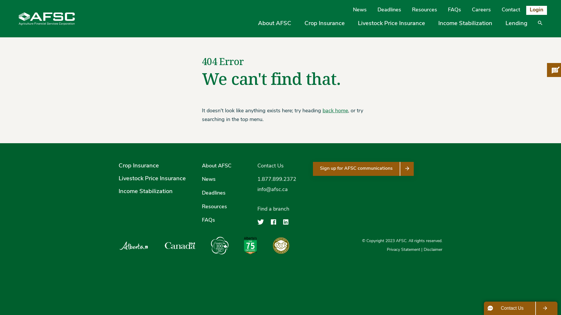  What do you see at coordinates (208, 220) in the screenshot?
I see `'FAQs'` at bounding box center [208, 220].